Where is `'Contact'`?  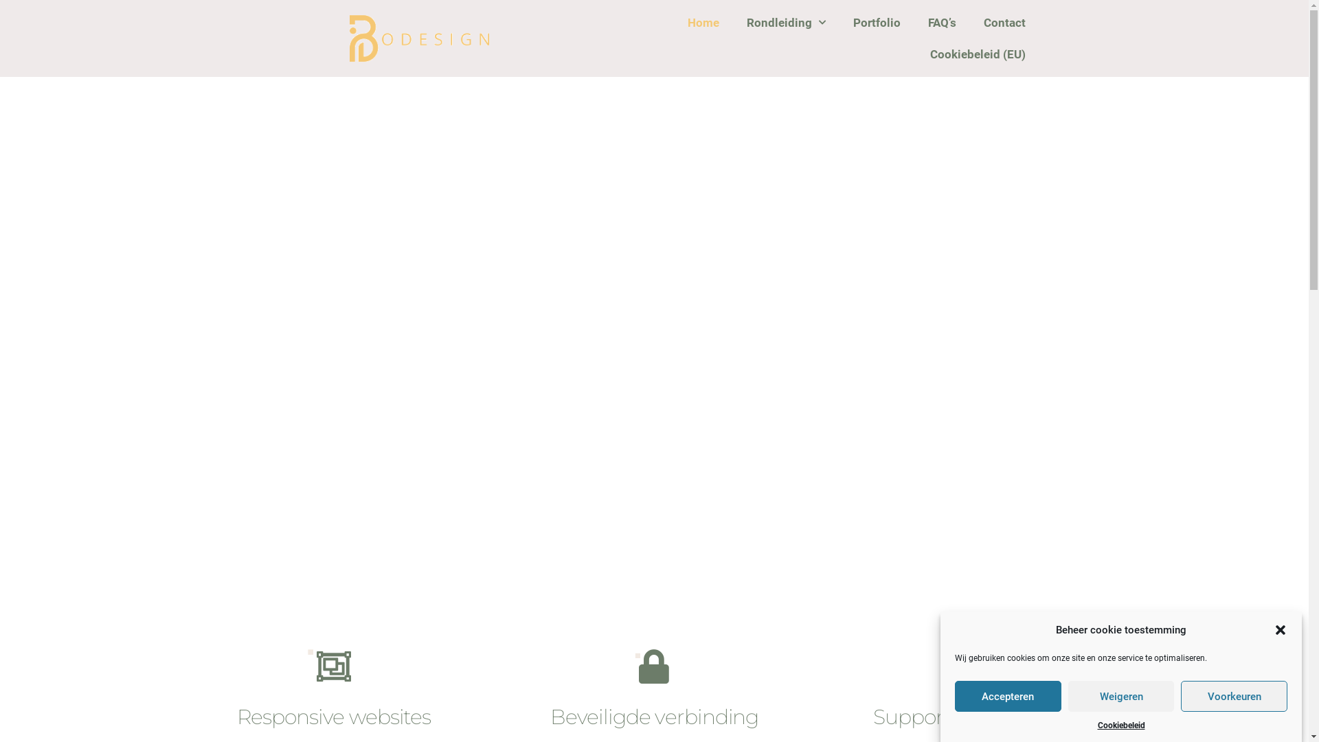
'Contact' is located at coordinates (1004, 23).